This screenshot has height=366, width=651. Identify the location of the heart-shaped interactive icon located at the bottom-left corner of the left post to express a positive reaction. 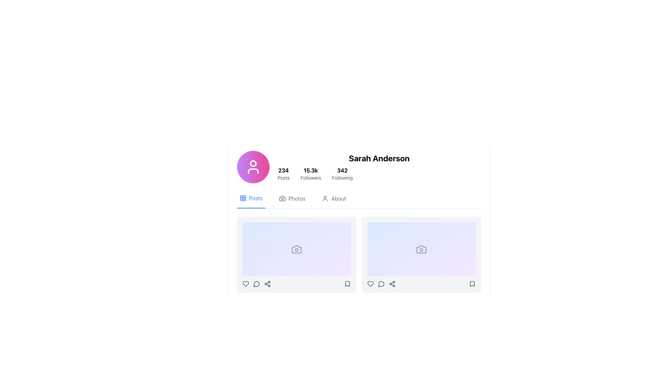
(245, 284).